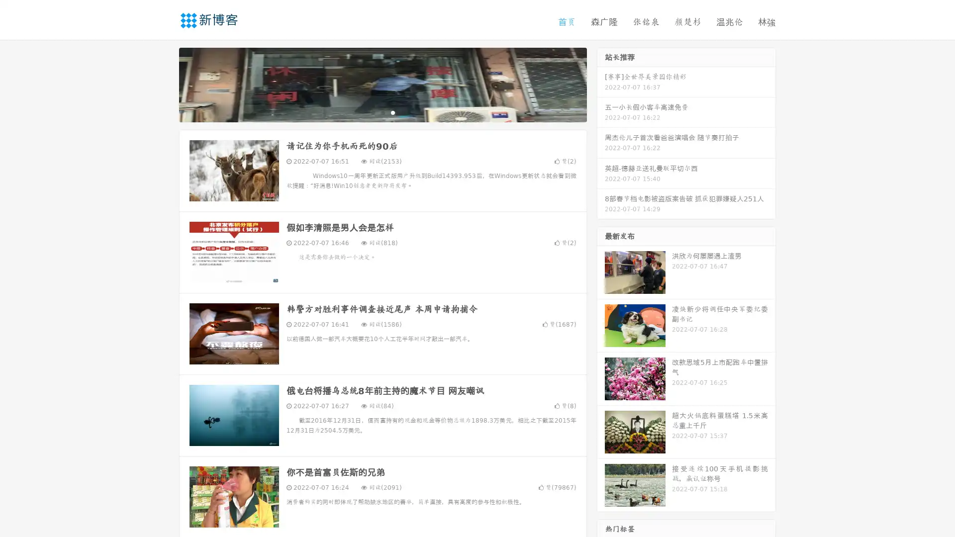 The height and width of the screenshot is (537, 955). What do you see at coordinates (372, 112) in the screenshot?
I see `Go to slide 1` at bounding box center [372, 112].